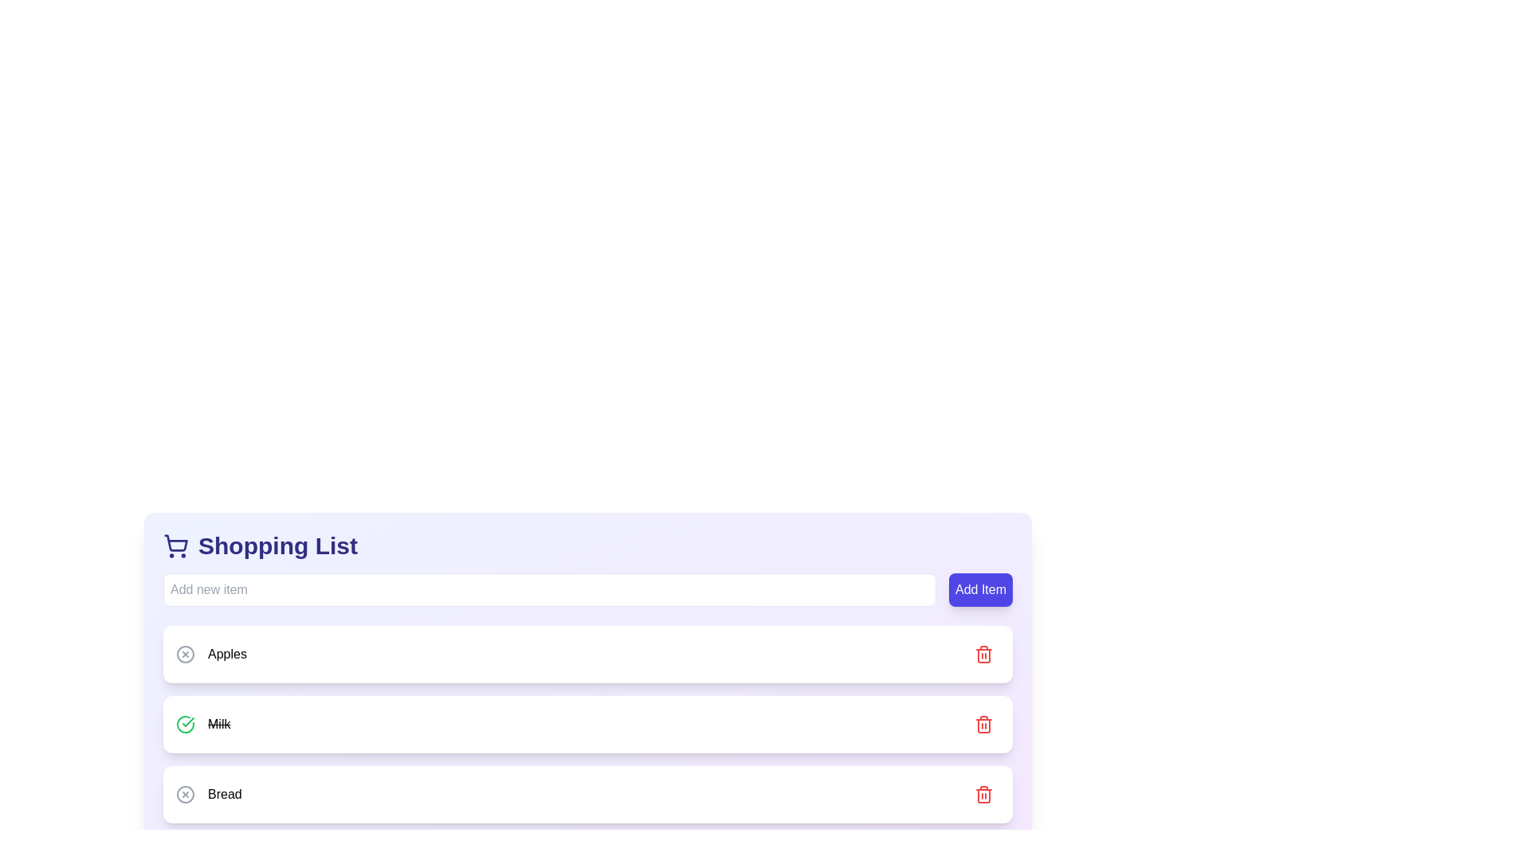 This screenshot has height=860, width=1530. I want to click on text label that says 'Milk' with a strikethrough style, indicating it is marked as completed or inactive, located in the second row of the list interface, so click(218, 725).